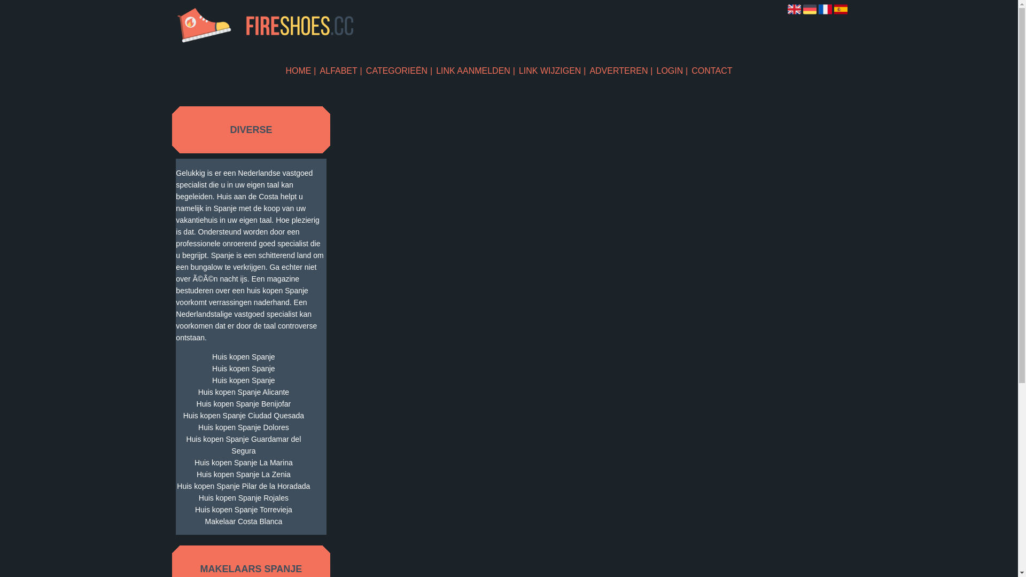  Describe the element at coordinates (176, 426) in the screenshot. I see `'Huis kopen Spanje Dolores'` at that location.